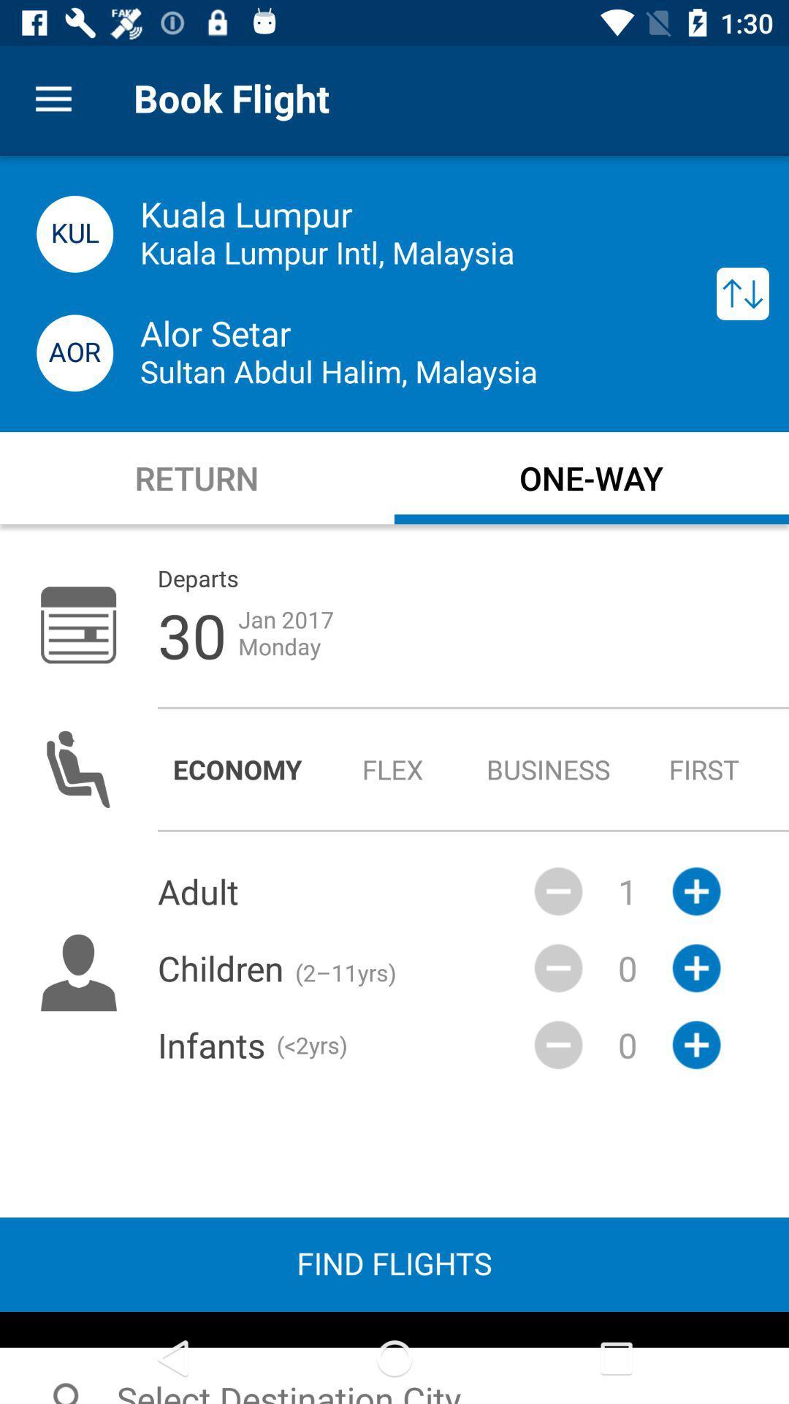 This screenshot has width=789, height=1404. I want to click on the first icon which is beside the 0, so click(558, 968).